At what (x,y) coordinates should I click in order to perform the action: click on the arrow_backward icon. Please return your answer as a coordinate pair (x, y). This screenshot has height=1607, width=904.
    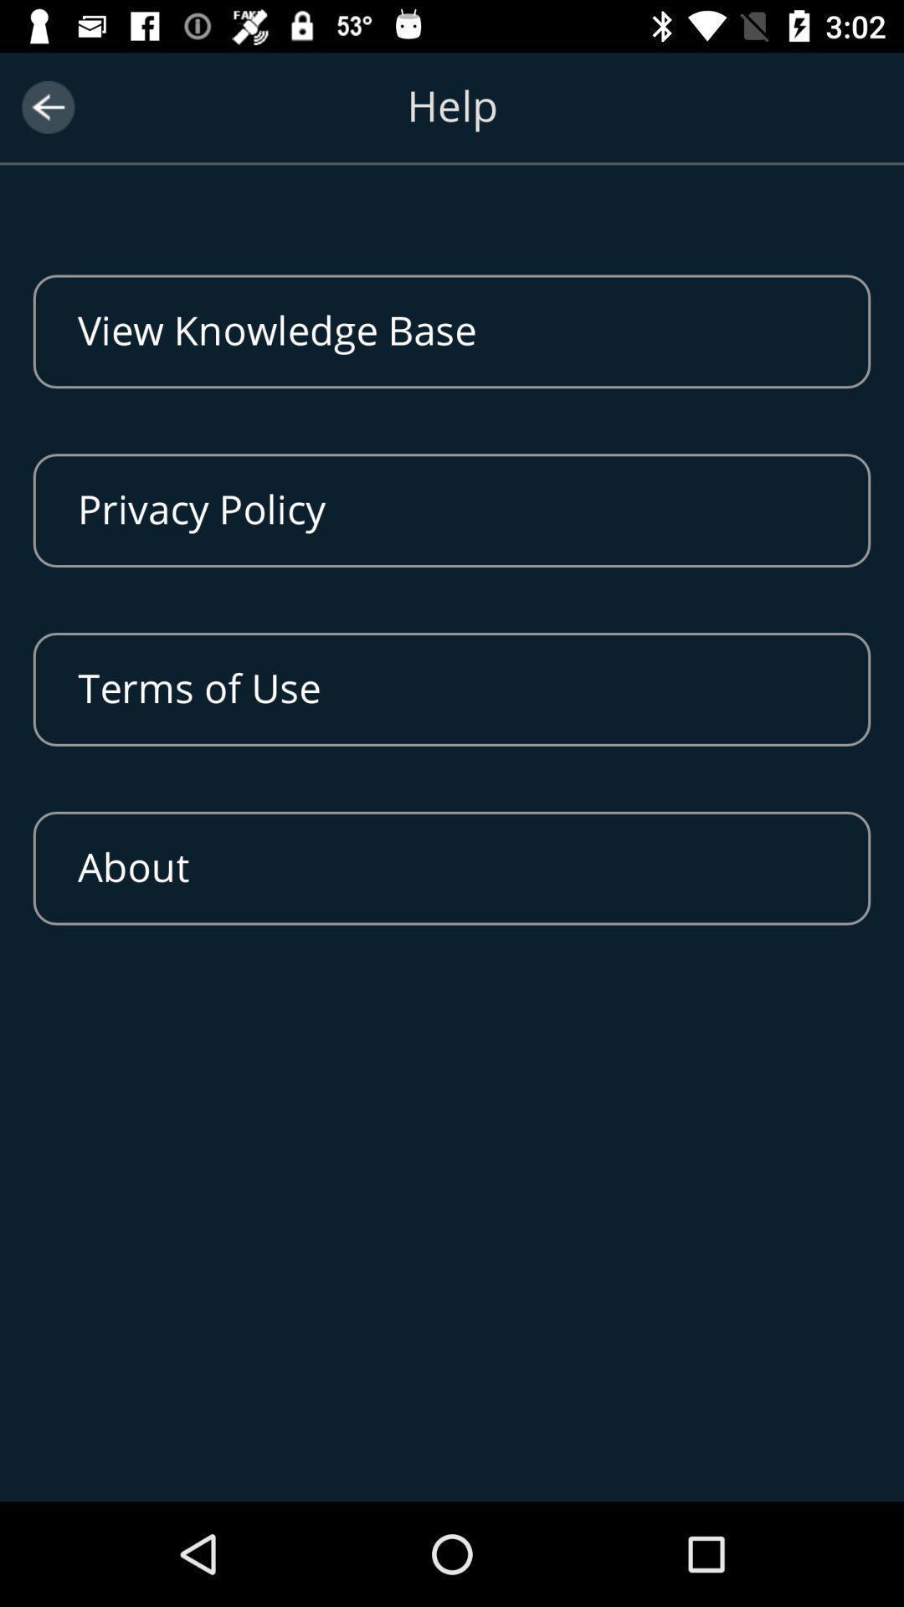
    Looking at the image, I should click on (47, 106).